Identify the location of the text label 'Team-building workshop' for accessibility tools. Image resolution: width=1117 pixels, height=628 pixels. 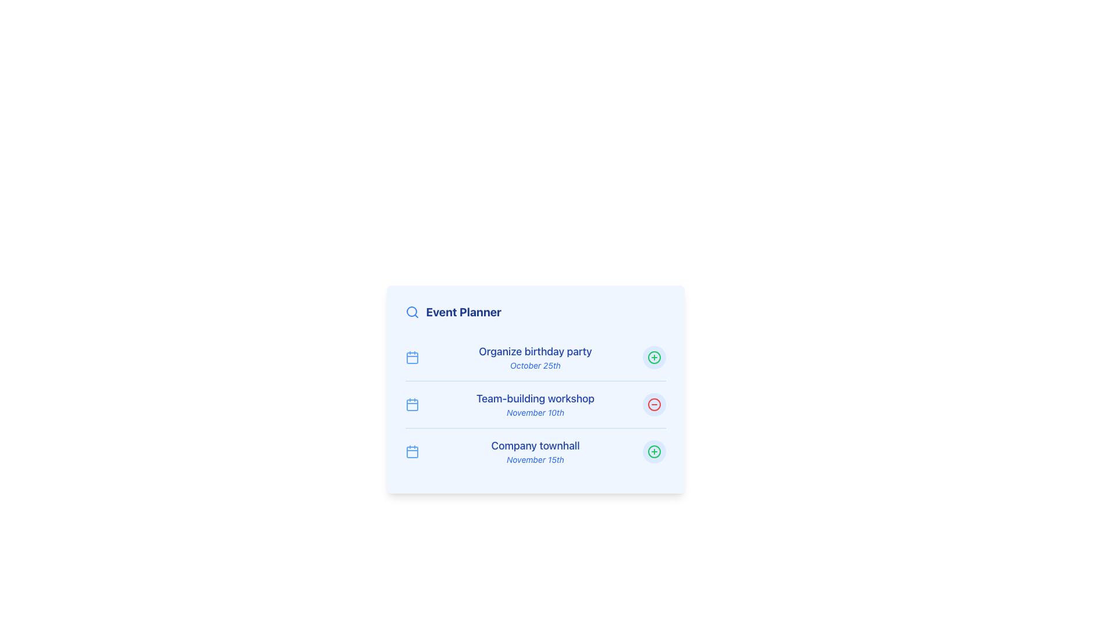
(535, 398).